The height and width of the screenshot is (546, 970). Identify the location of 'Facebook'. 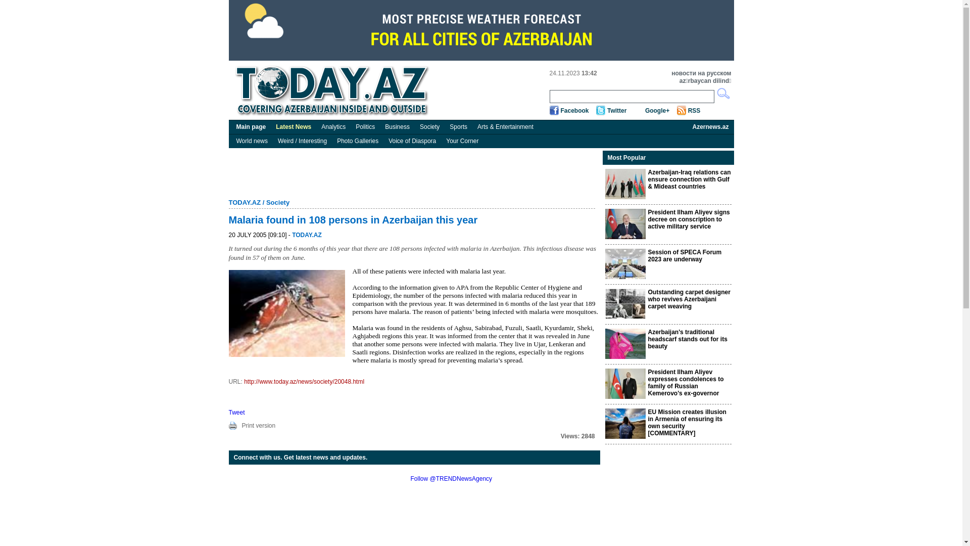
(574, 111).